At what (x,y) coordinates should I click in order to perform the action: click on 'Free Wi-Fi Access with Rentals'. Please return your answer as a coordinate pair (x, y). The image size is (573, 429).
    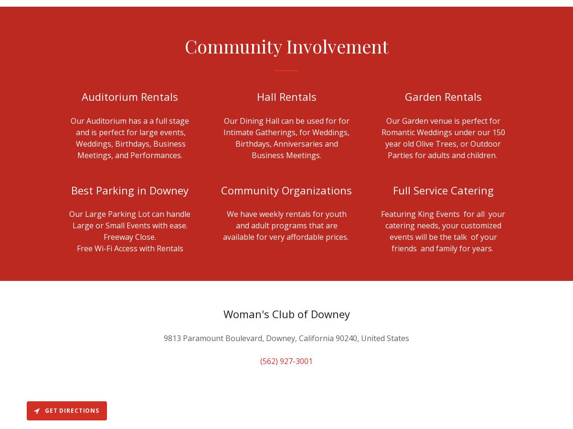
    Looking at the image, I should click on (129, 248).